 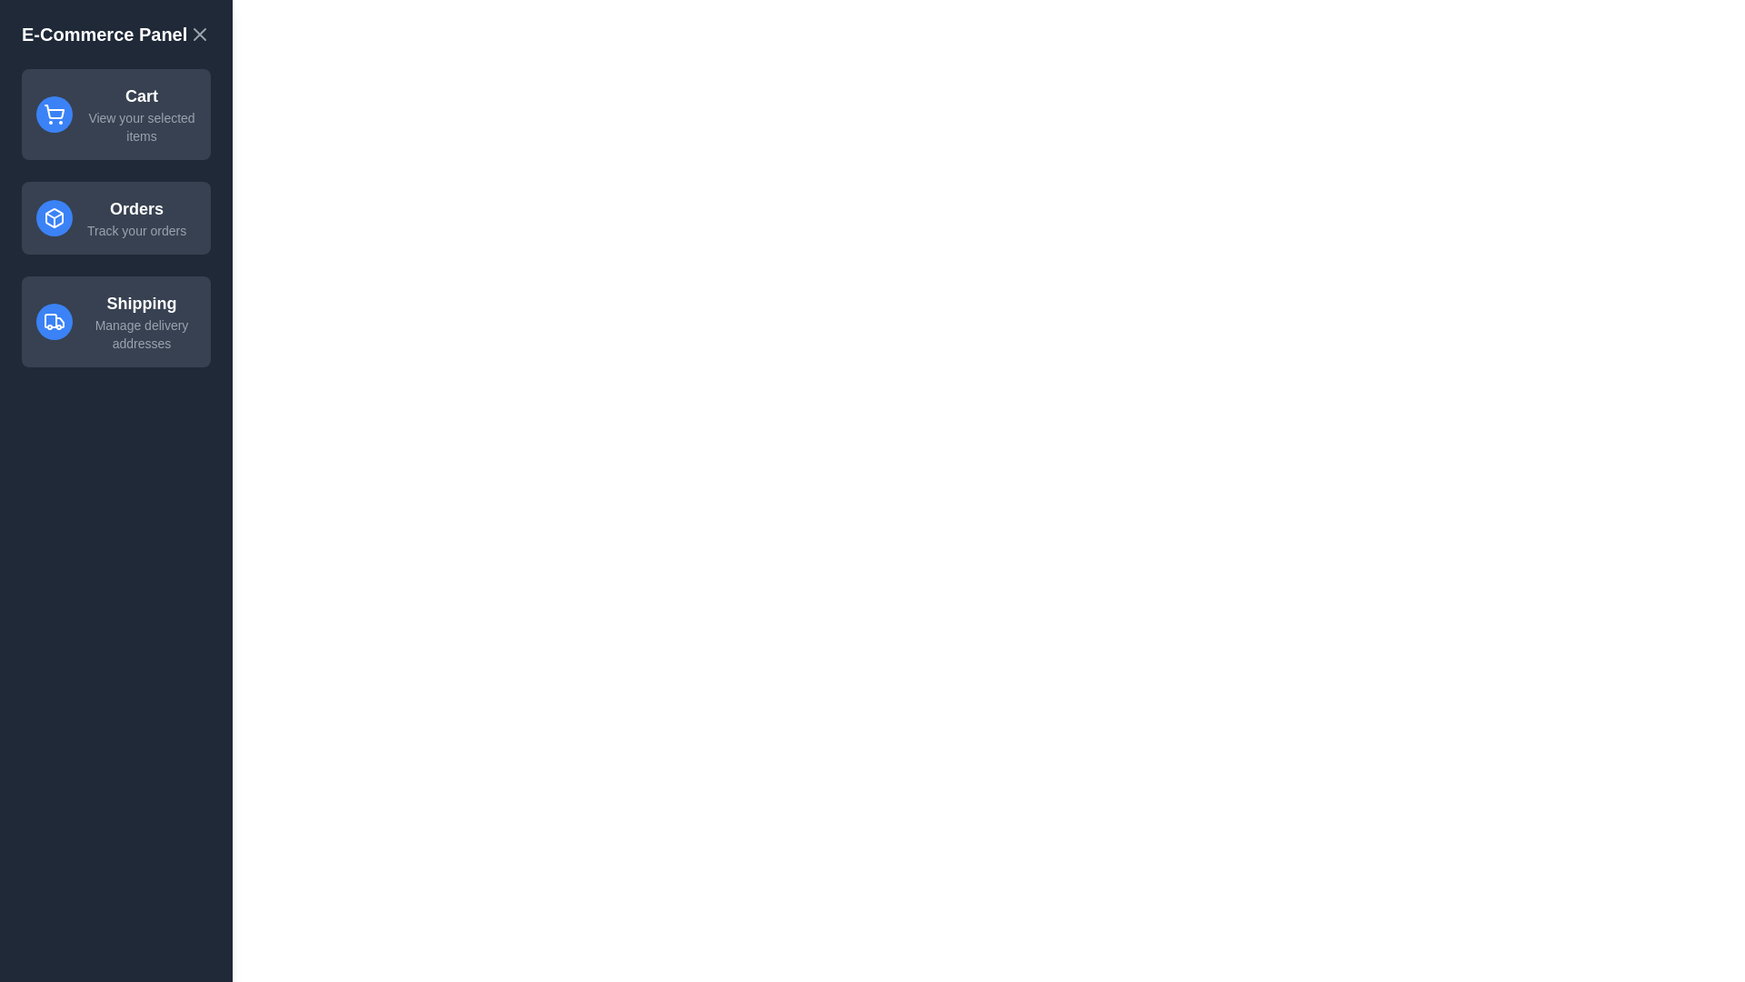 I want to click on the 'Cart' option in the E-Commerce Drawer, so click(x=115, y=115).